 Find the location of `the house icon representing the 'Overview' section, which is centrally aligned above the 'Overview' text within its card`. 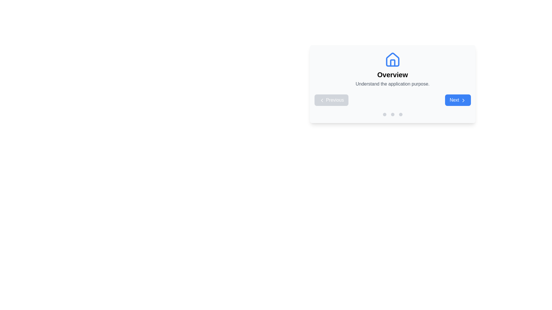

the house icon representing the 'Overview' section, which is centrally aligned above the 'Overview' text within its card is located at coordinates (392, 60).